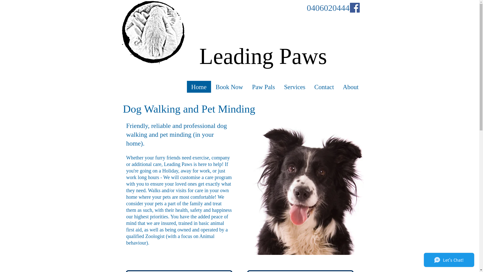  I want to click on 'You have', so click(179, 216).